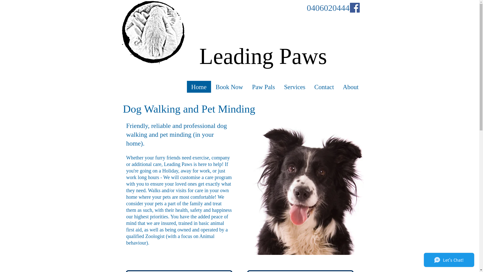  I want to click on 'You have', so click(179, 216).